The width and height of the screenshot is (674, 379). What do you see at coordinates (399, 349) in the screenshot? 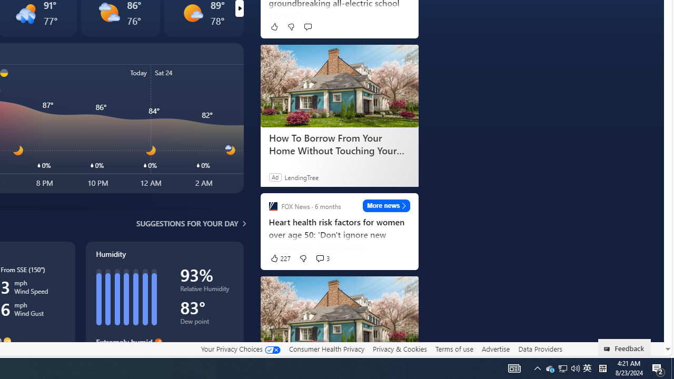
I see `'Privacy & Cookies'` at bounding box center [399, 349].